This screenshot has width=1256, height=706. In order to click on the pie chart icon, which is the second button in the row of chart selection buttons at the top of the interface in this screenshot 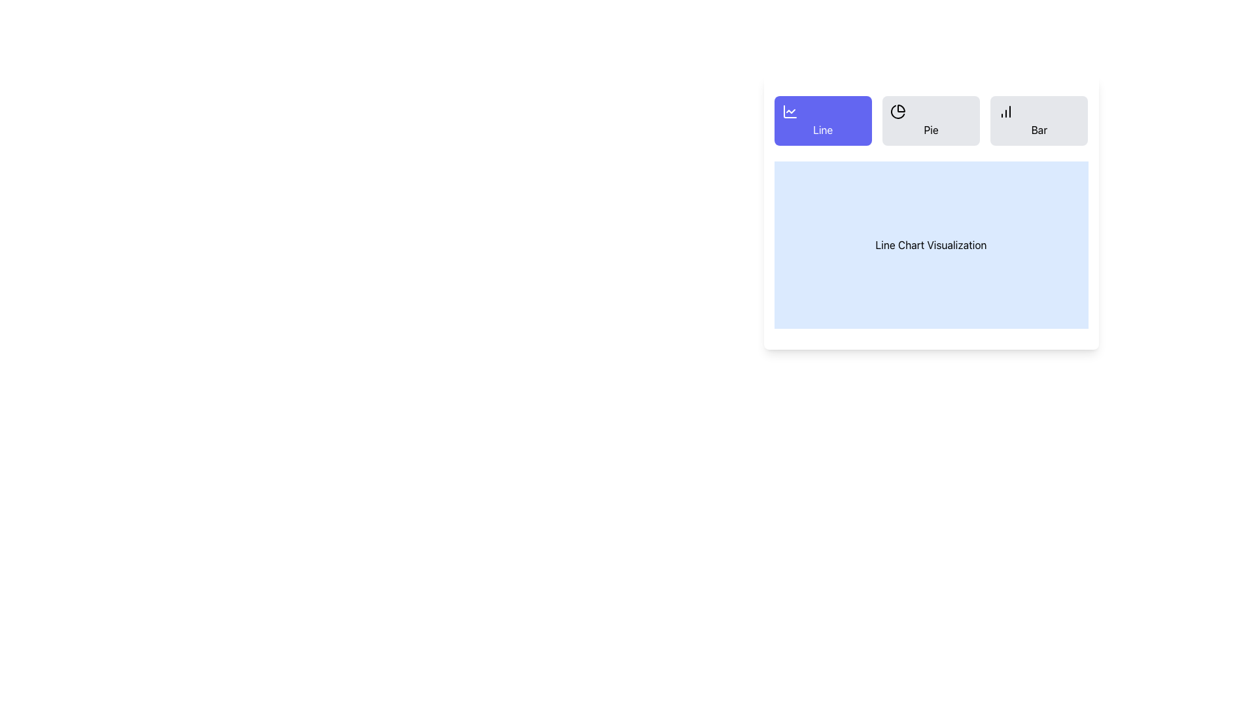, I will do `click(897, 110)`.